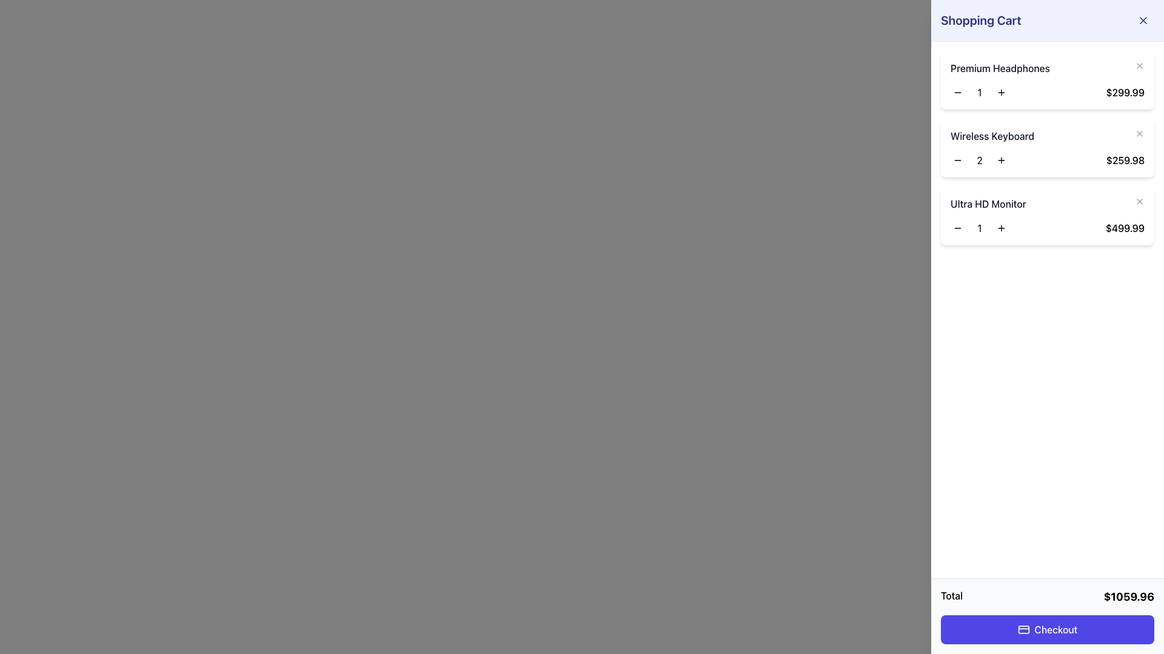  I want to click on the small interactive close button represented by an 'X' icon located at the top-right corner of the row containing the 'Ultra HD Monitor' item in the shopping cart layout, so click(1139, 200).